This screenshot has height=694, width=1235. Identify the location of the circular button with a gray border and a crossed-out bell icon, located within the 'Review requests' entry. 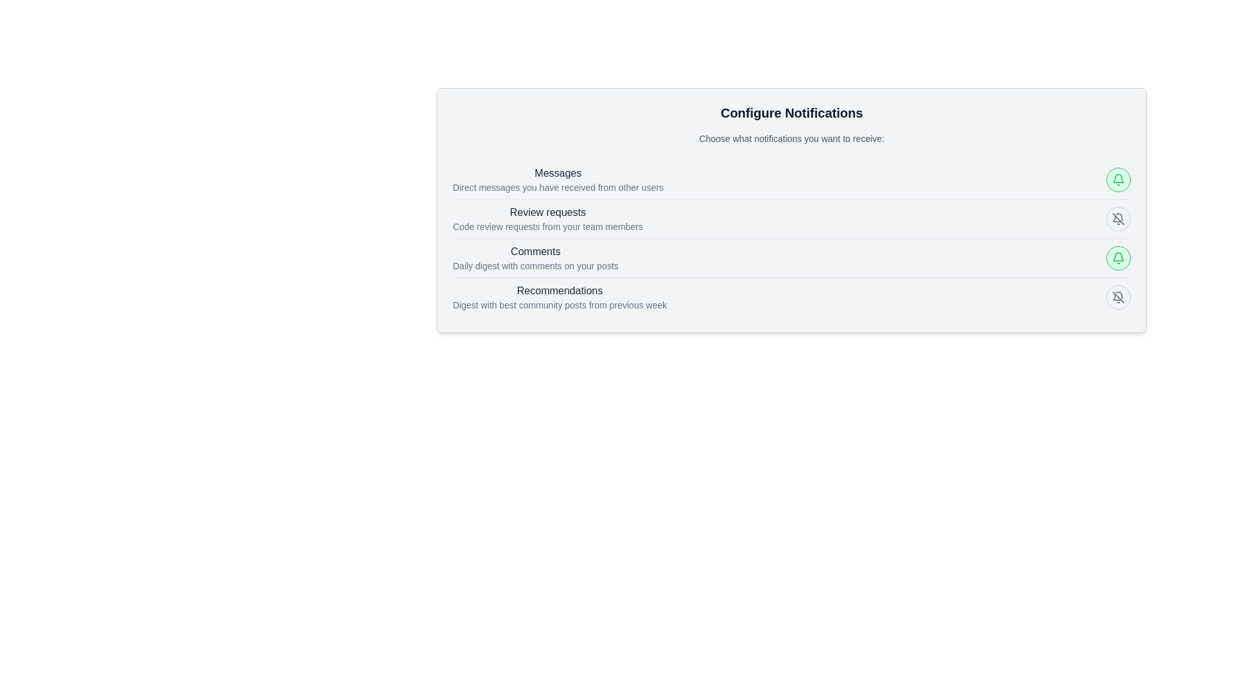
(1117, 218).